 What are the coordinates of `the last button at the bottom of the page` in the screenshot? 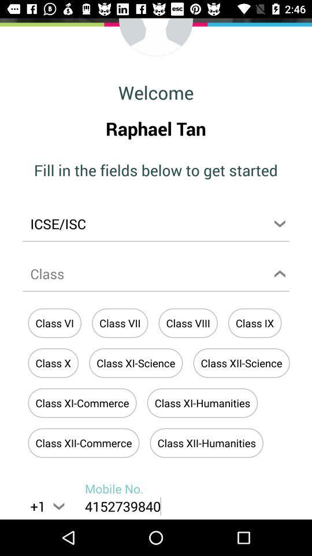 It's located at (206, 442).